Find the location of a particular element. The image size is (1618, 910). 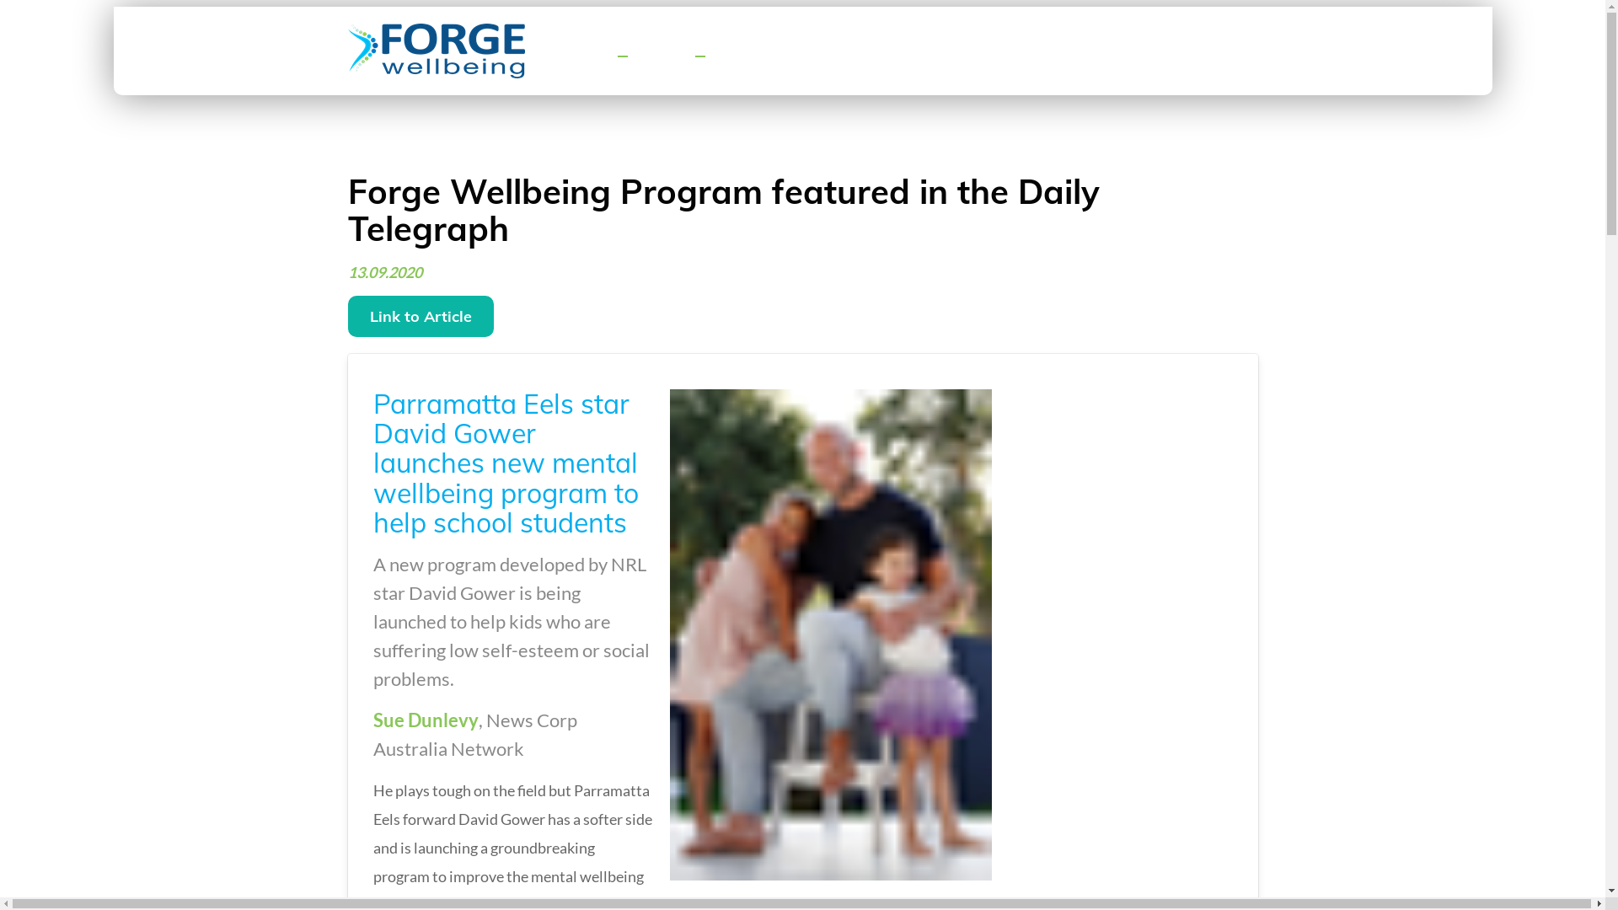

'Toggle navigation' is located at coordinates (615, 55).